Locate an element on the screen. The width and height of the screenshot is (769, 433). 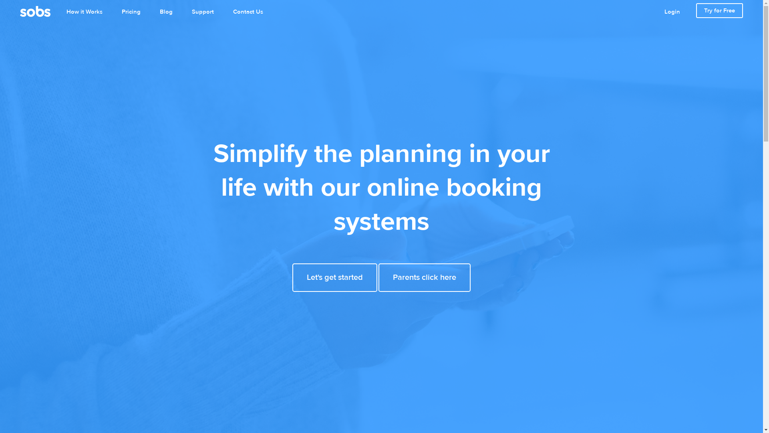
'Contact Us' is located at coordinates (248, 12).